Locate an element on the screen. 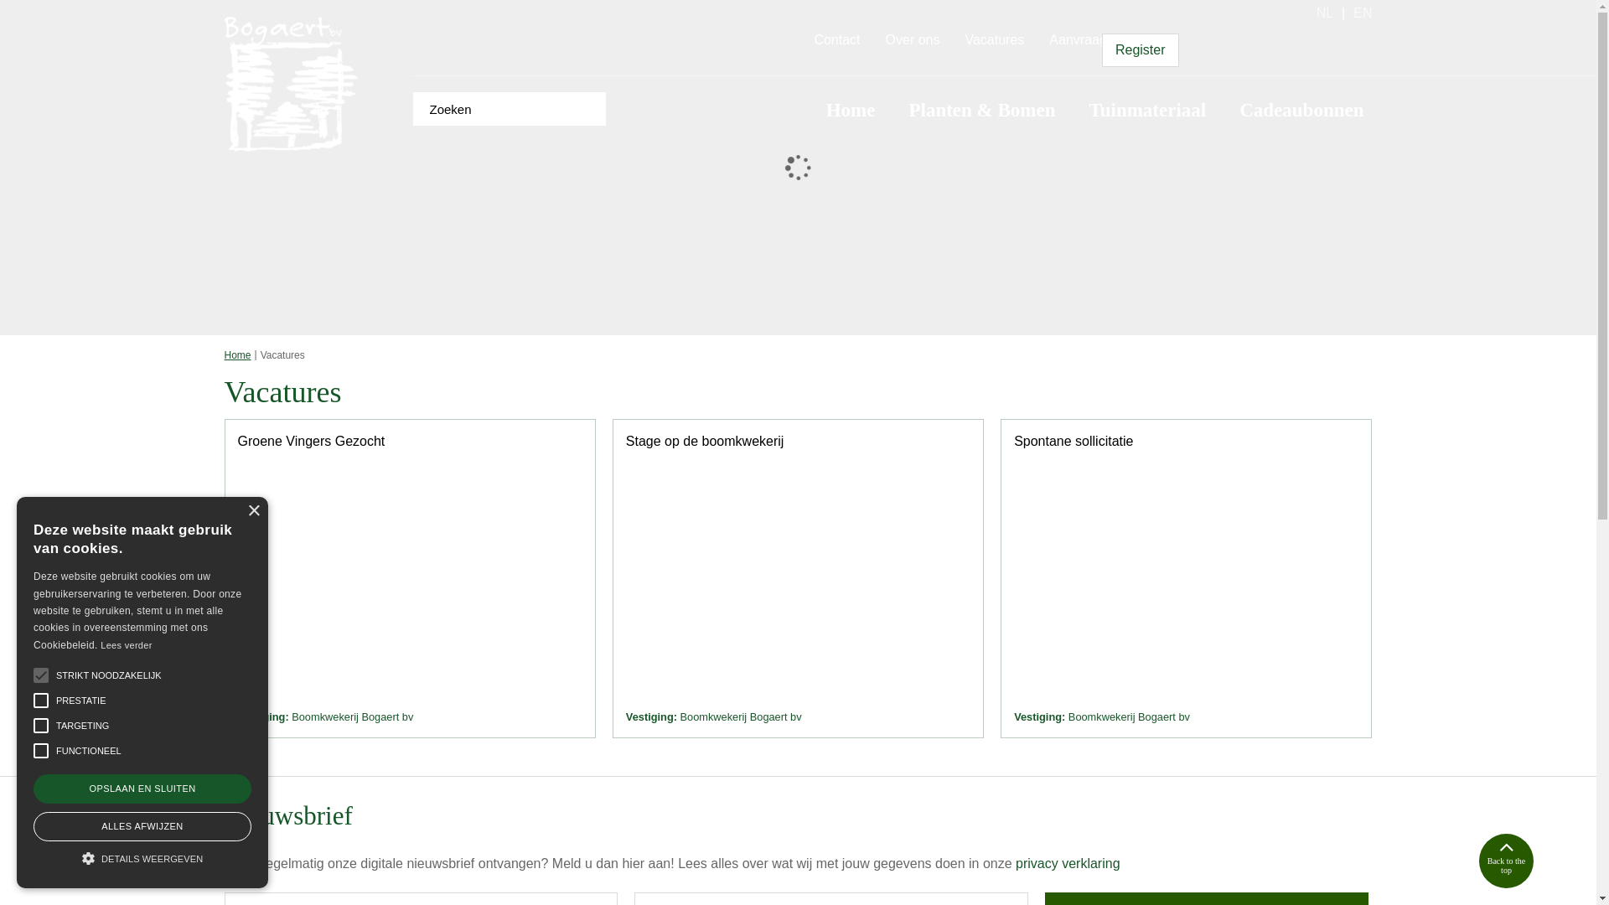  'Zoeken' is located at coordinates (587, 109).